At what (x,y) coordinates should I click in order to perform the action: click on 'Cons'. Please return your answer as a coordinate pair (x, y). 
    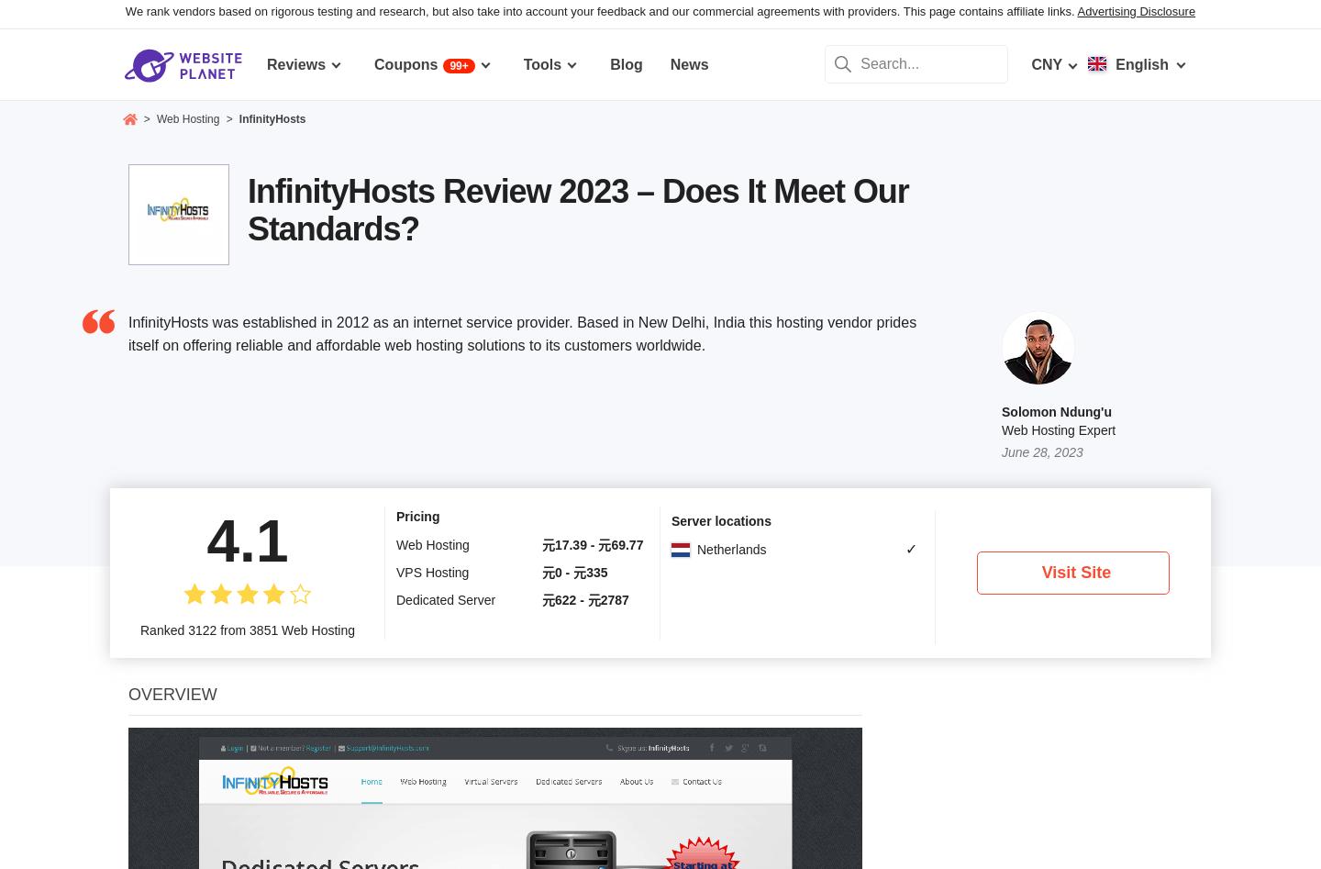
    Looking at the image, I should click on (150, 559).